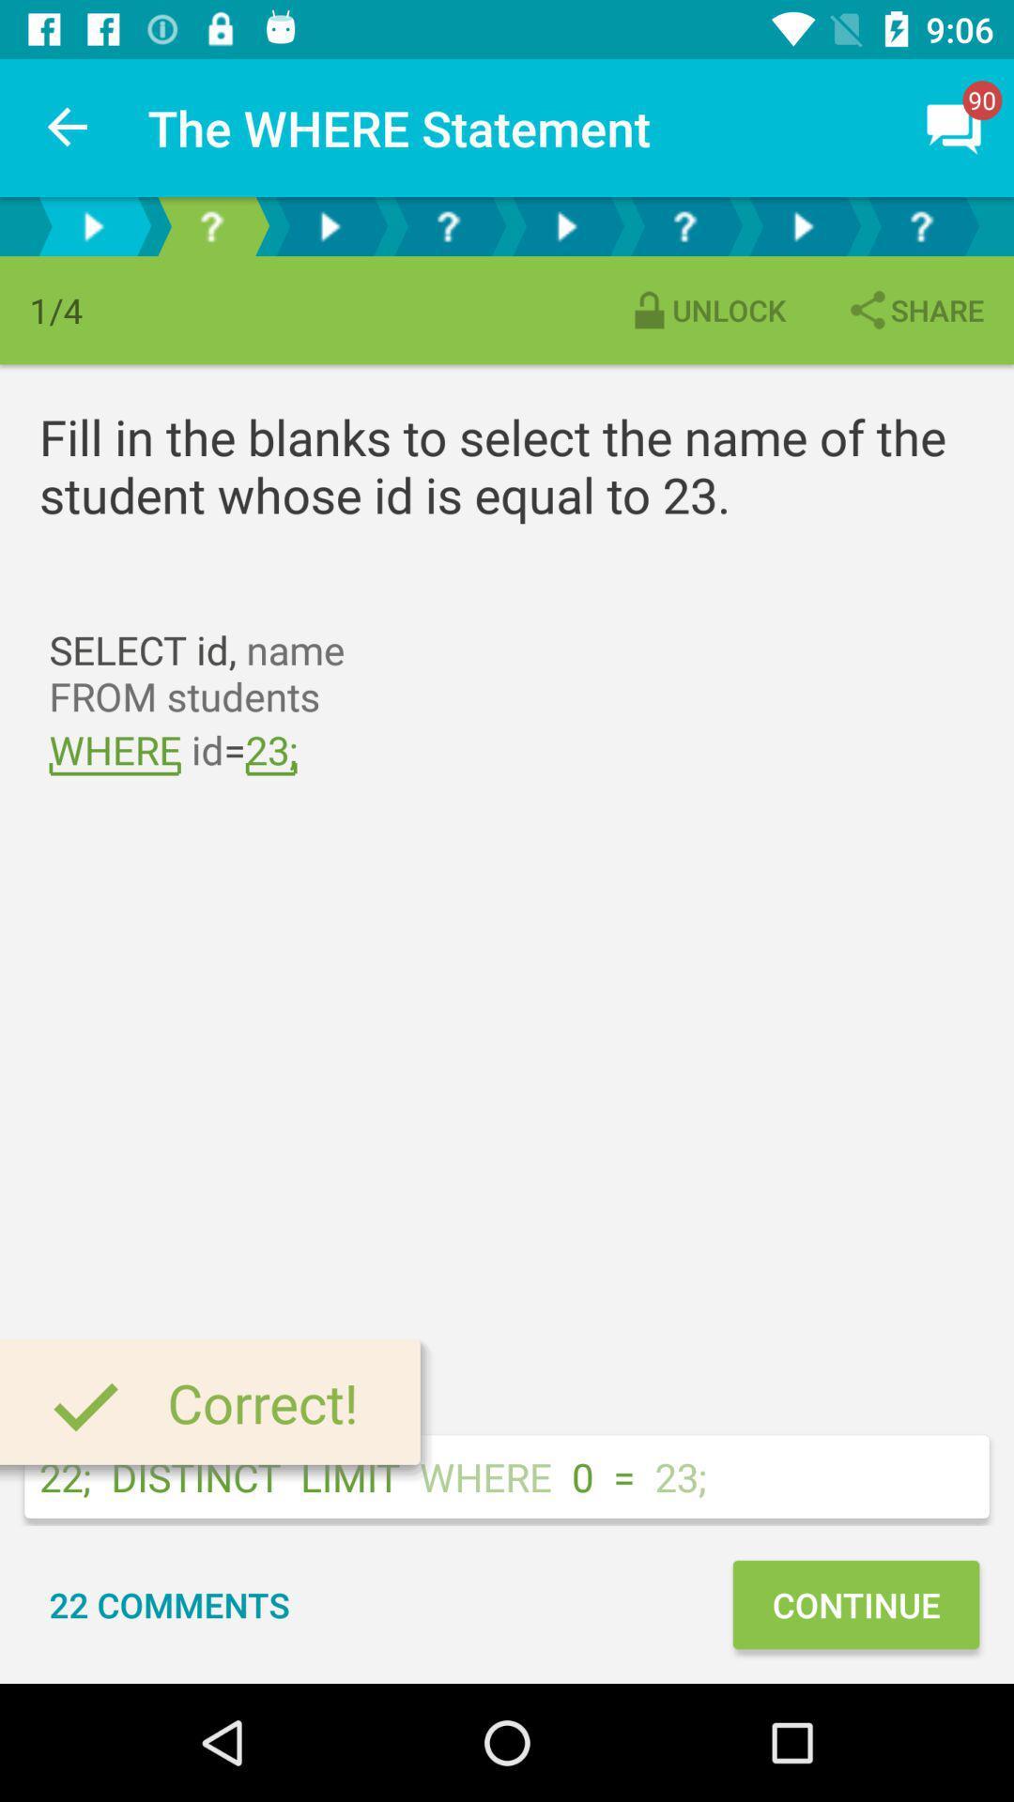 This screenshot has width=1014, height=1802. Describe the element at coordinates (684, 225) in the screenshot. I see `the help icon` at that location.